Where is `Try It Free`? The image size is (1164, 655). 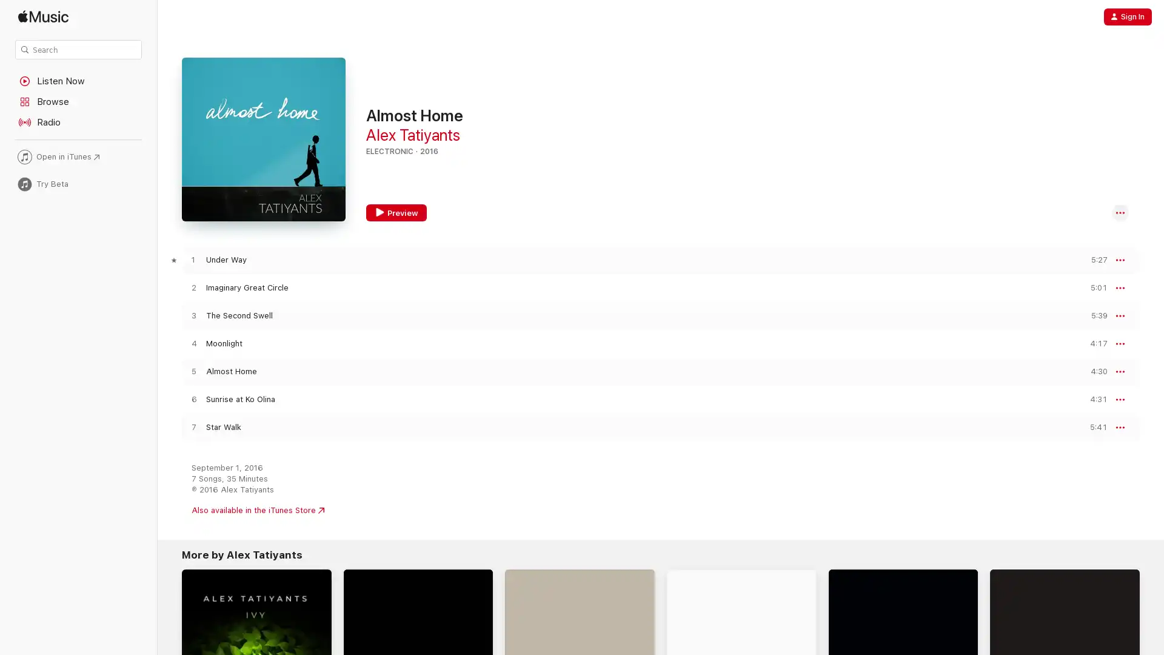
Try It Free is located at coordinates (1108, 631).